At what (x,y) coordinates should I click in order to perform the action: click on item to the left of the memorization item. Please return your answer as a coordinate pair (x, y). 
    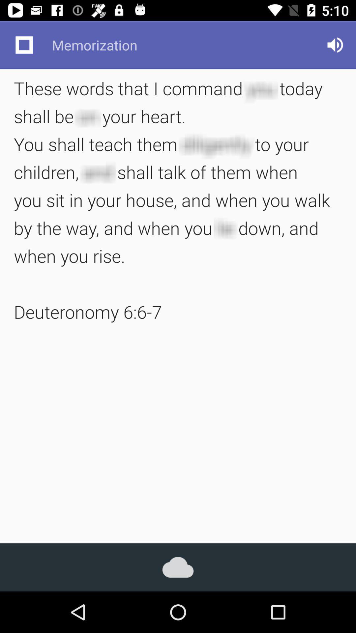
    Looking at the image, I should click on (24, 45).